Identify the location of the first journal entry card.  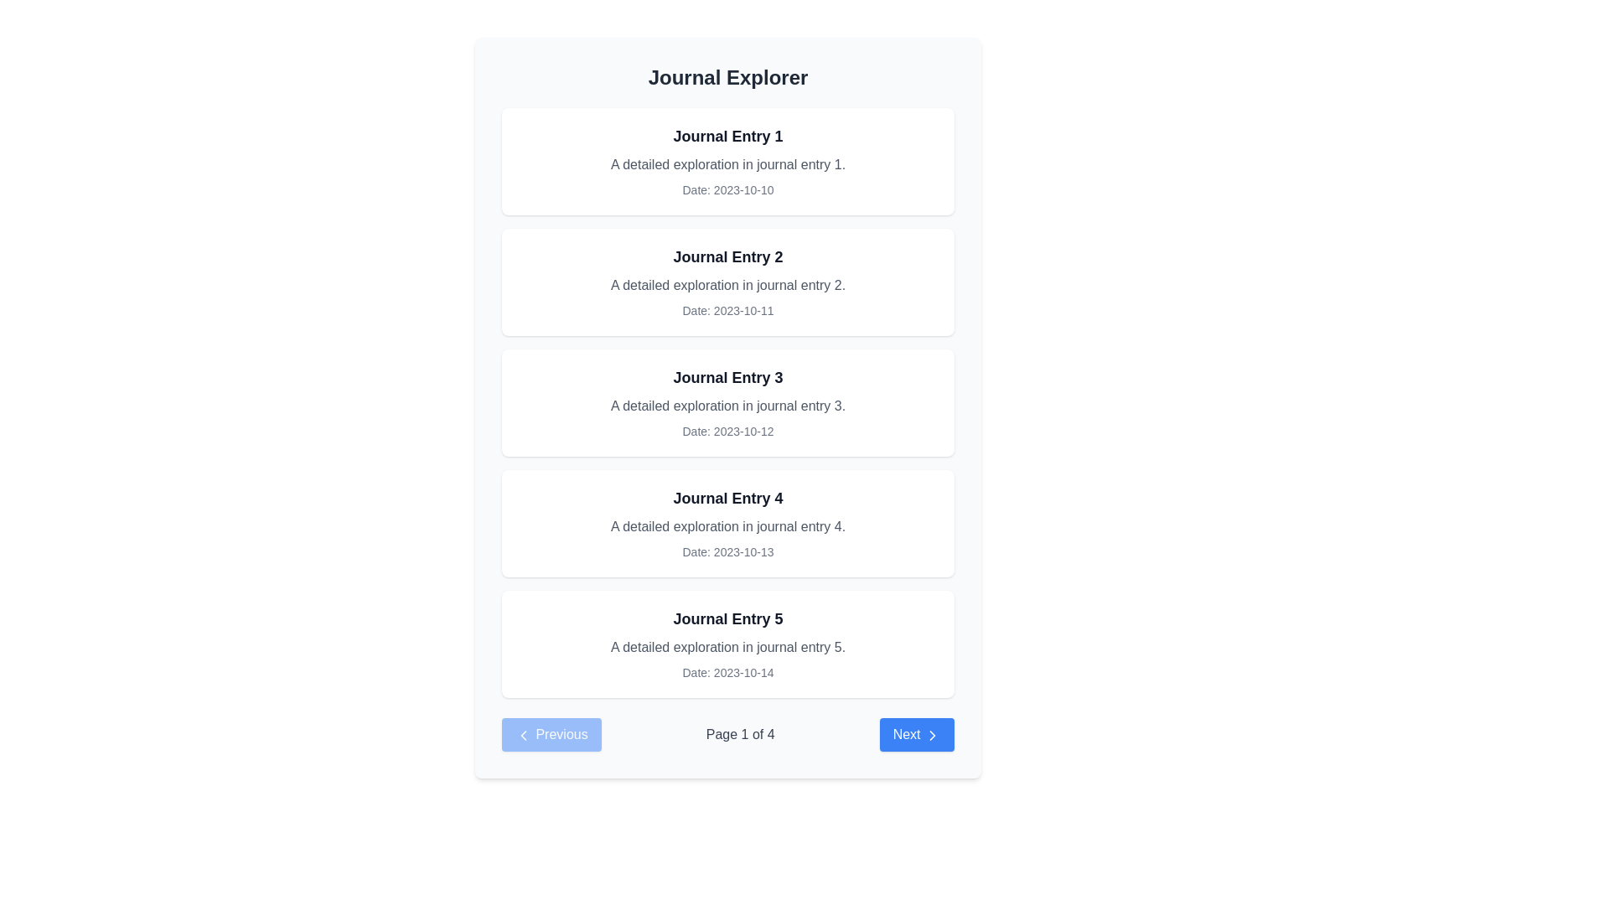
(727, 161).